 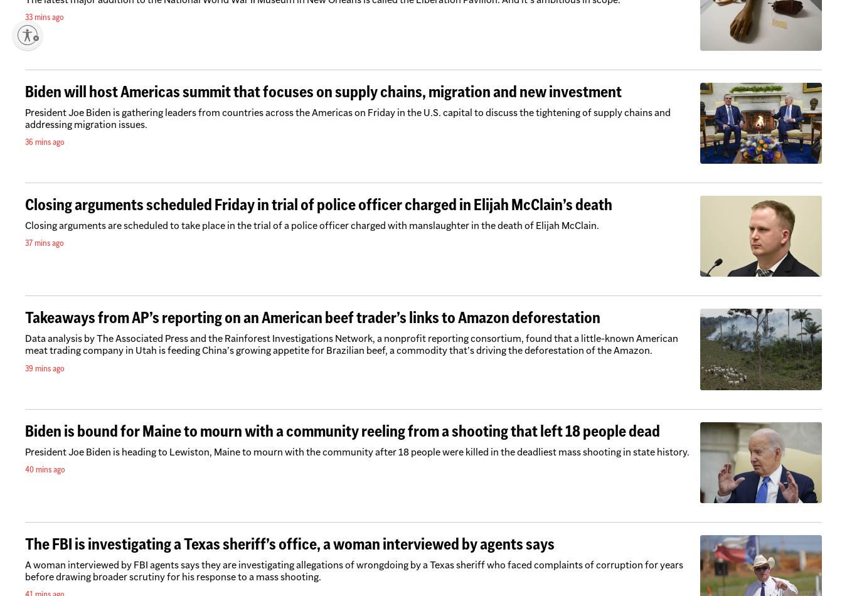 What do you see at coordinates (44, 16) in the screenshot?
I see `'33 mins ago'` at bounding box center [44, 16].